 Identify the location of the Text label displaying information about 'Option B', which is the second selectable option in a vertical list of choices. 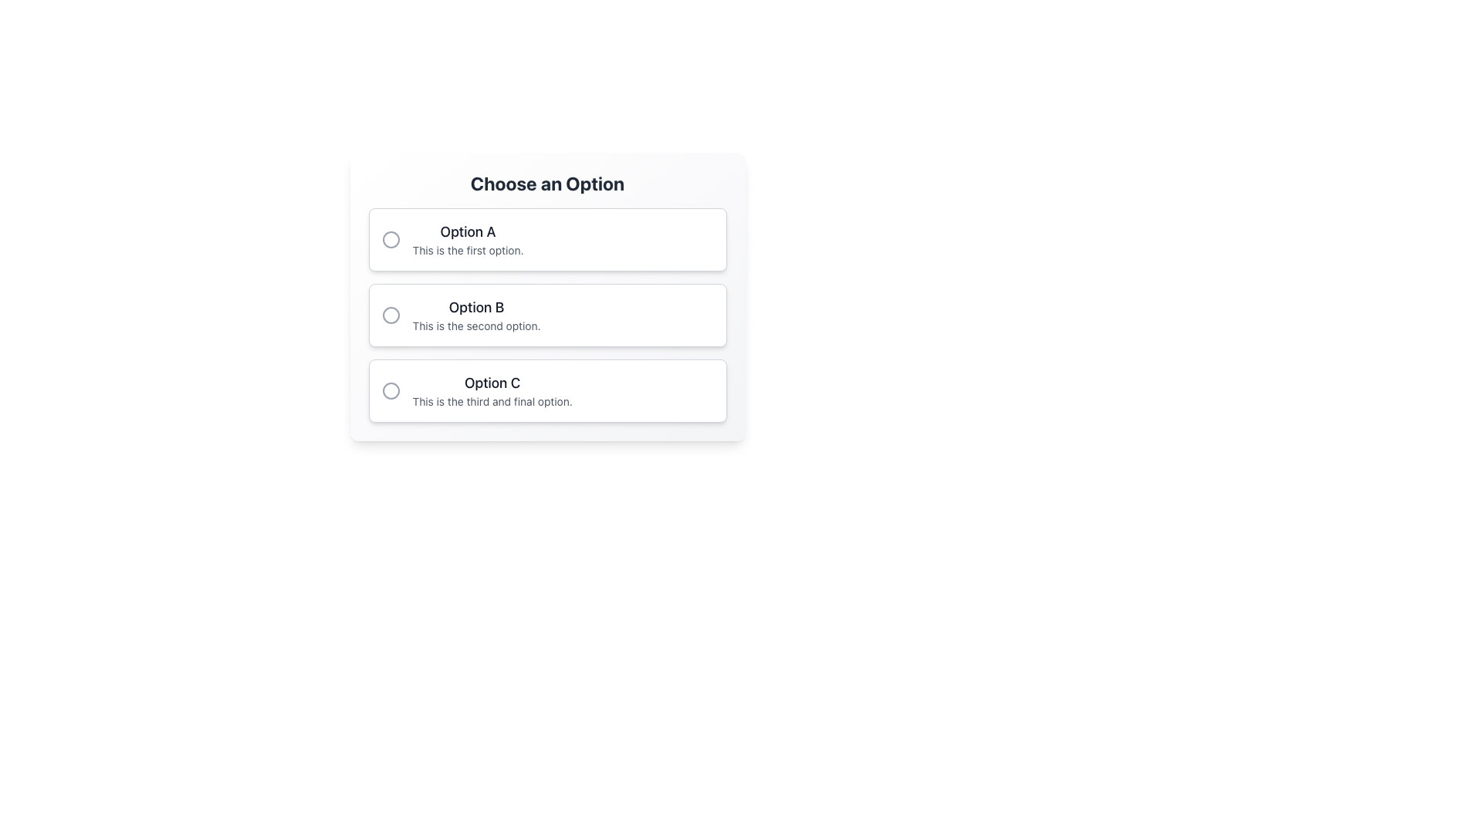
(475, 314).